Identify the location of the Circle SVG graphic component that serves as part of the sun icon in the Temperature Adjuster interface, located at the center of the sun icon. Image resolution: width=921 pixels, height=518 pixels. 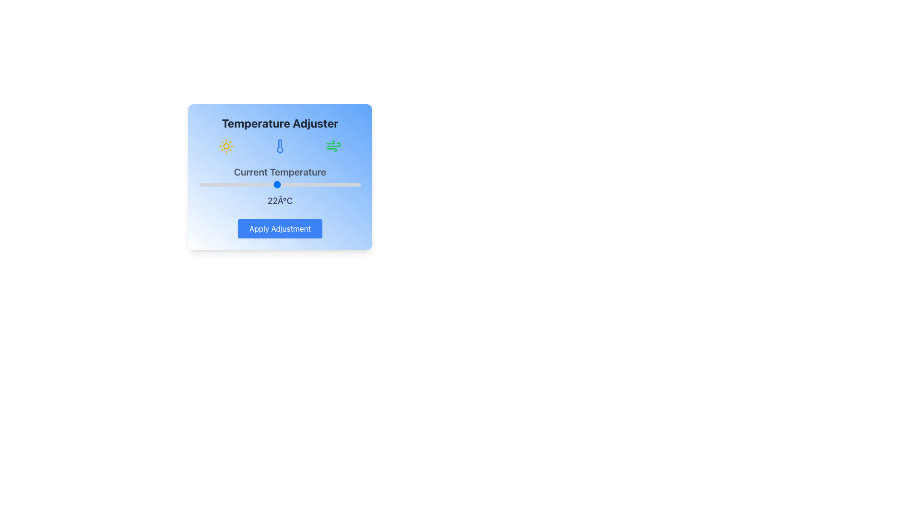
(225, 146).